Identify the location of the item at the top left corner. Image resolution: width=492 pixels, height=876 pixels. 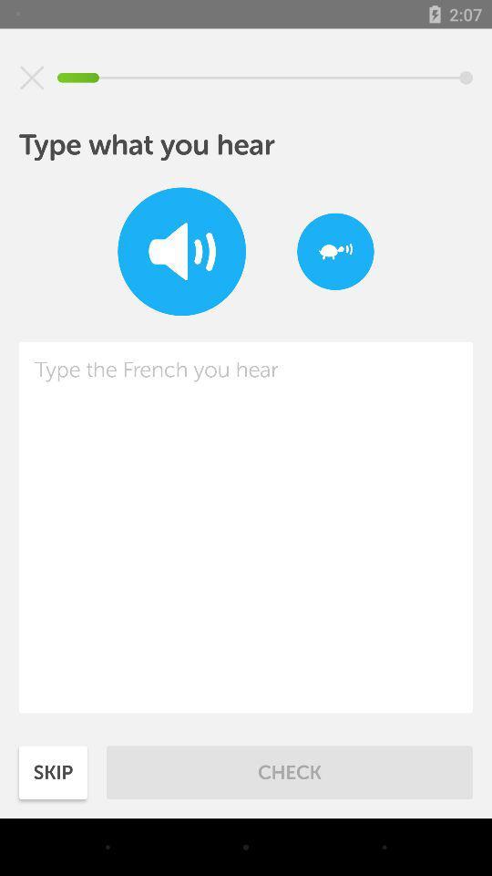
(32, 78).